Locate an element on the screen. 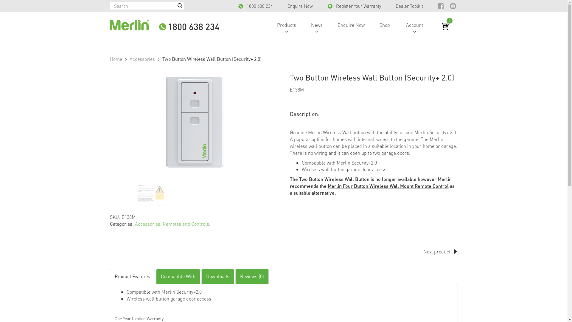  'Remotes and Controls' is located at coordinates (186, 224).